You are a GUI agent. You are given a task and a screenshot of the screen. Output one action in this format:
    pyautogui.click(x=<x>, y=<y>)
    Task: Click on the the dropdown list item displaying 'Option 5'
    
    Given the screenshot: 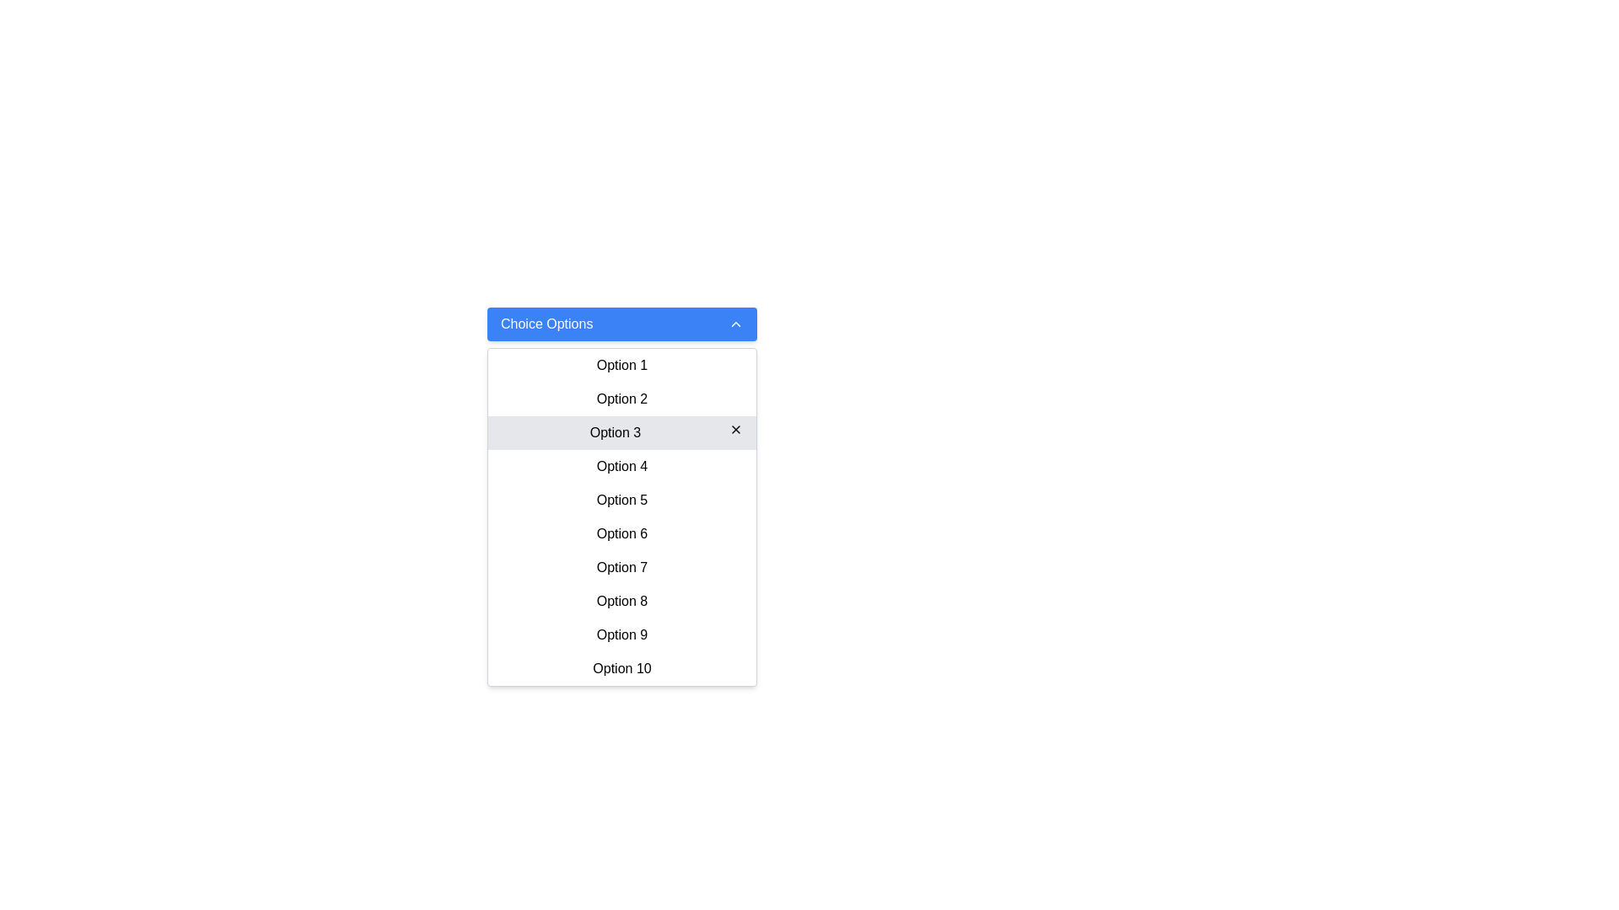 What is the action you would take?
    pyautogui.click(x=621, y=499)
    